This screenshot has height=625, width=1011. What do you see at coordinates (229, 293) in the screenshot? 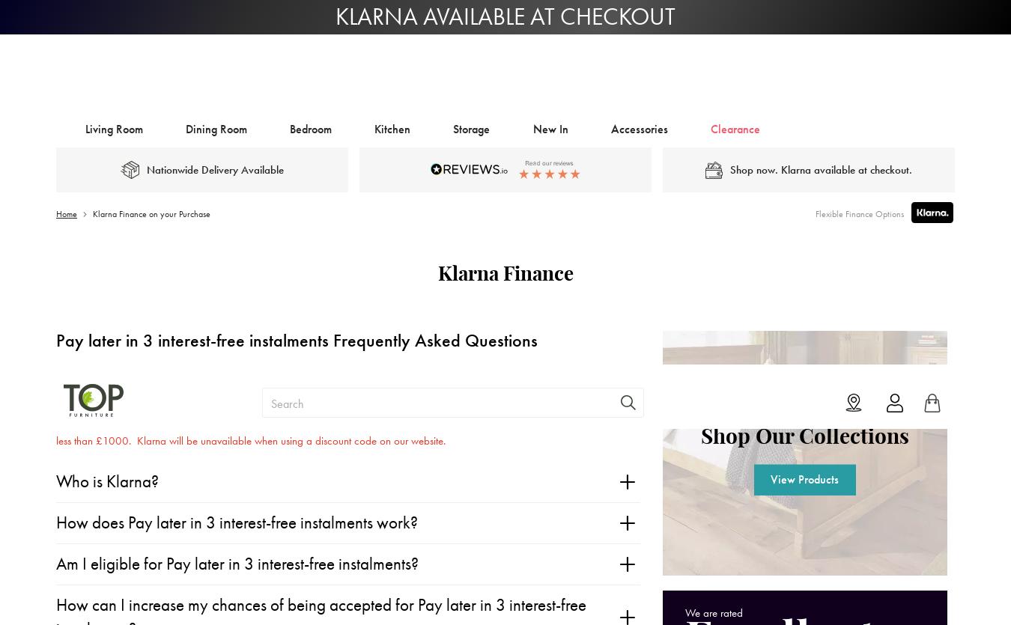
I see `'What do I need to provide when I make a purchase?'` at bounding box center [229, 293].